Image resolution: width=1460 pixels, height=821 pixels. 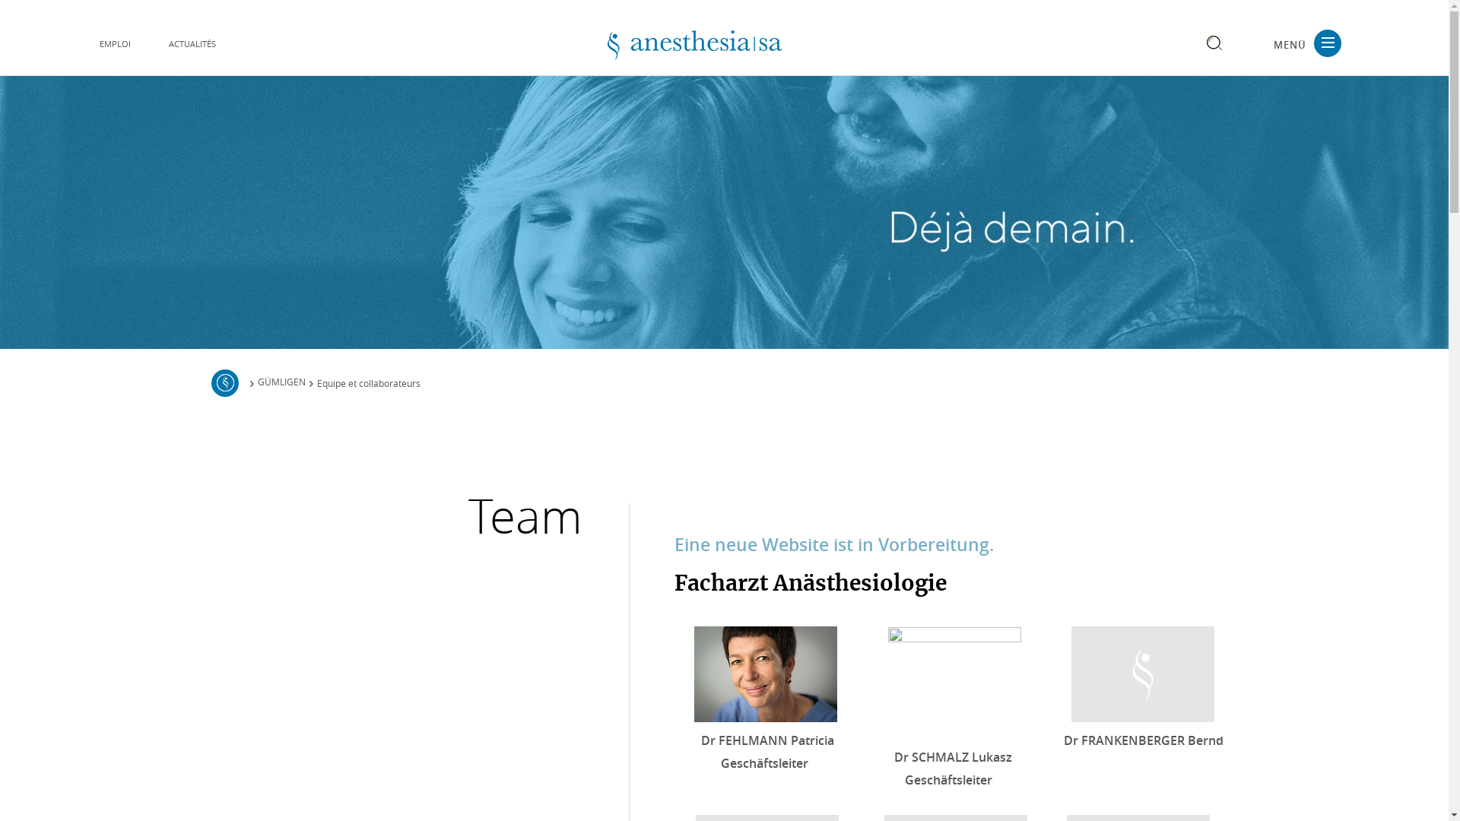 What do you see at coordinates (368, 382) in the screenshot?
I see `'Equipe et collaborateurs'` at bounding box center [368, 382].